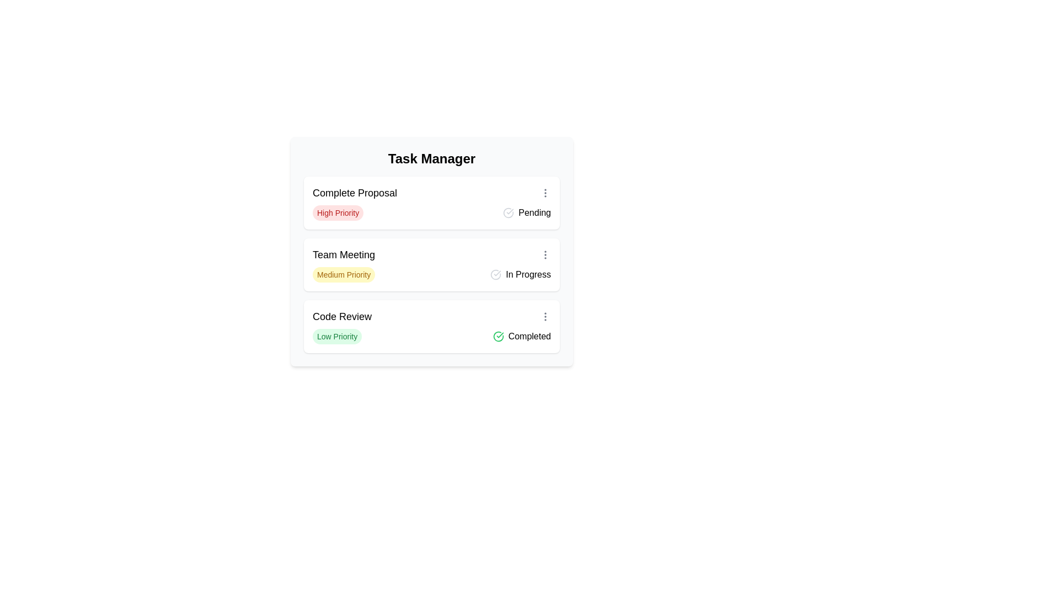  I want to click on the 'Team Meeting' task card in the middle of the vertical list to see its details, so click(431, 264).